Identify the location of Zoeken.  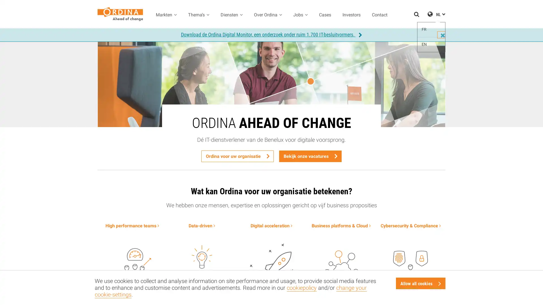
(393, 14).